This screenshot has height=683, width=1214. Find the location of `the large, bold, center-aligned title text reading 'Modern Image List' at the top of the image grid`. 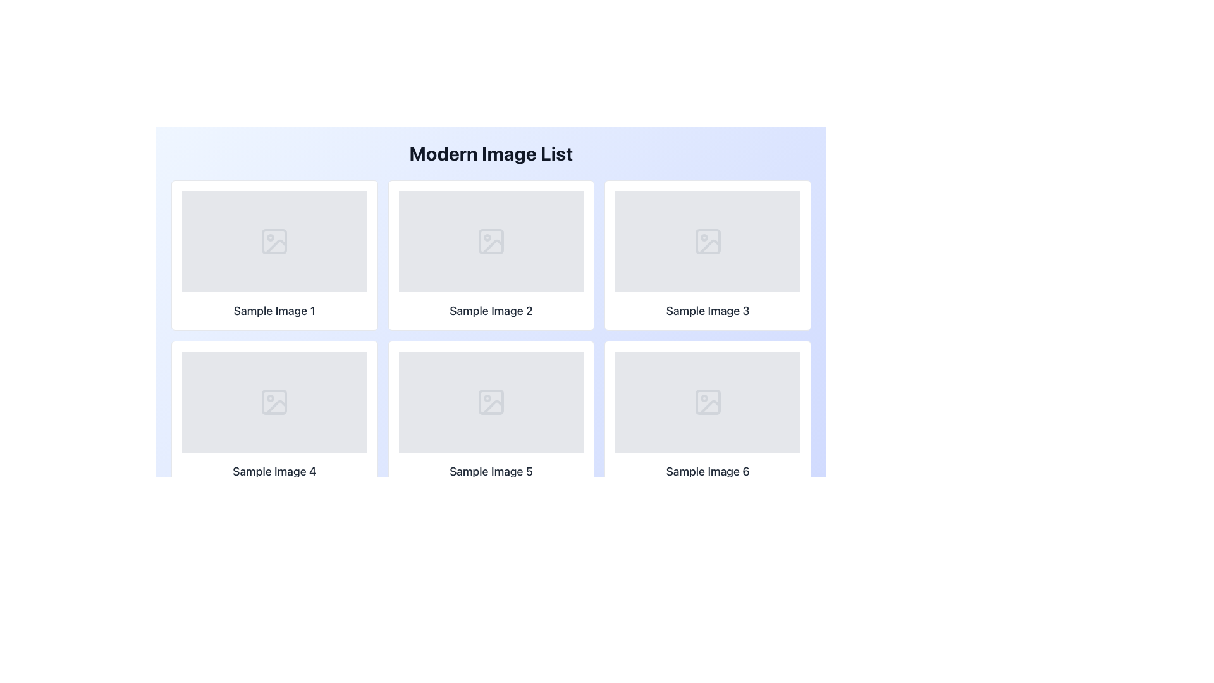

the large, bold, center-aligned title text reading 'Modern Image List' at the top of the image grid is located at coordinates (491, 153).